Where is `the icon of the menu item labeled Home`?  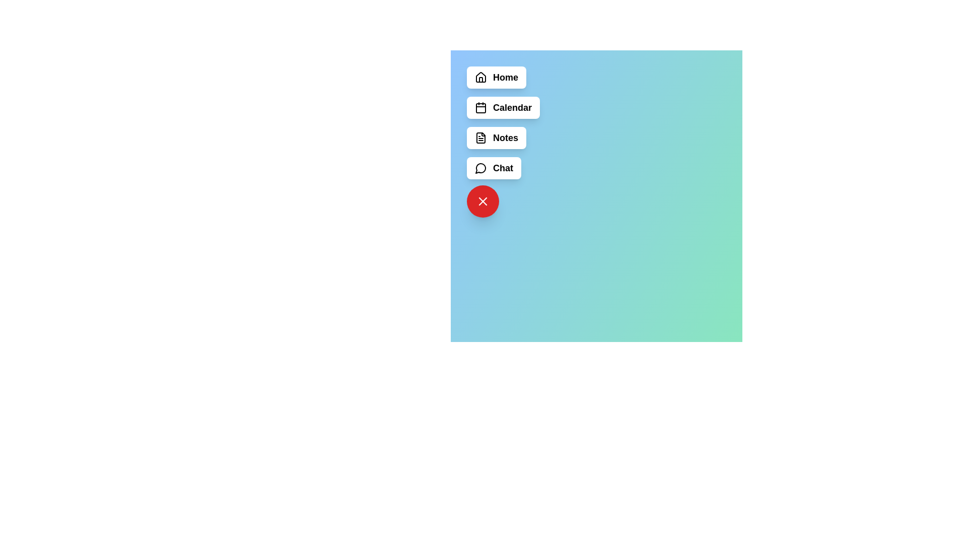 the icon of the menu item labeled Home is located at coordinates (480, 77).